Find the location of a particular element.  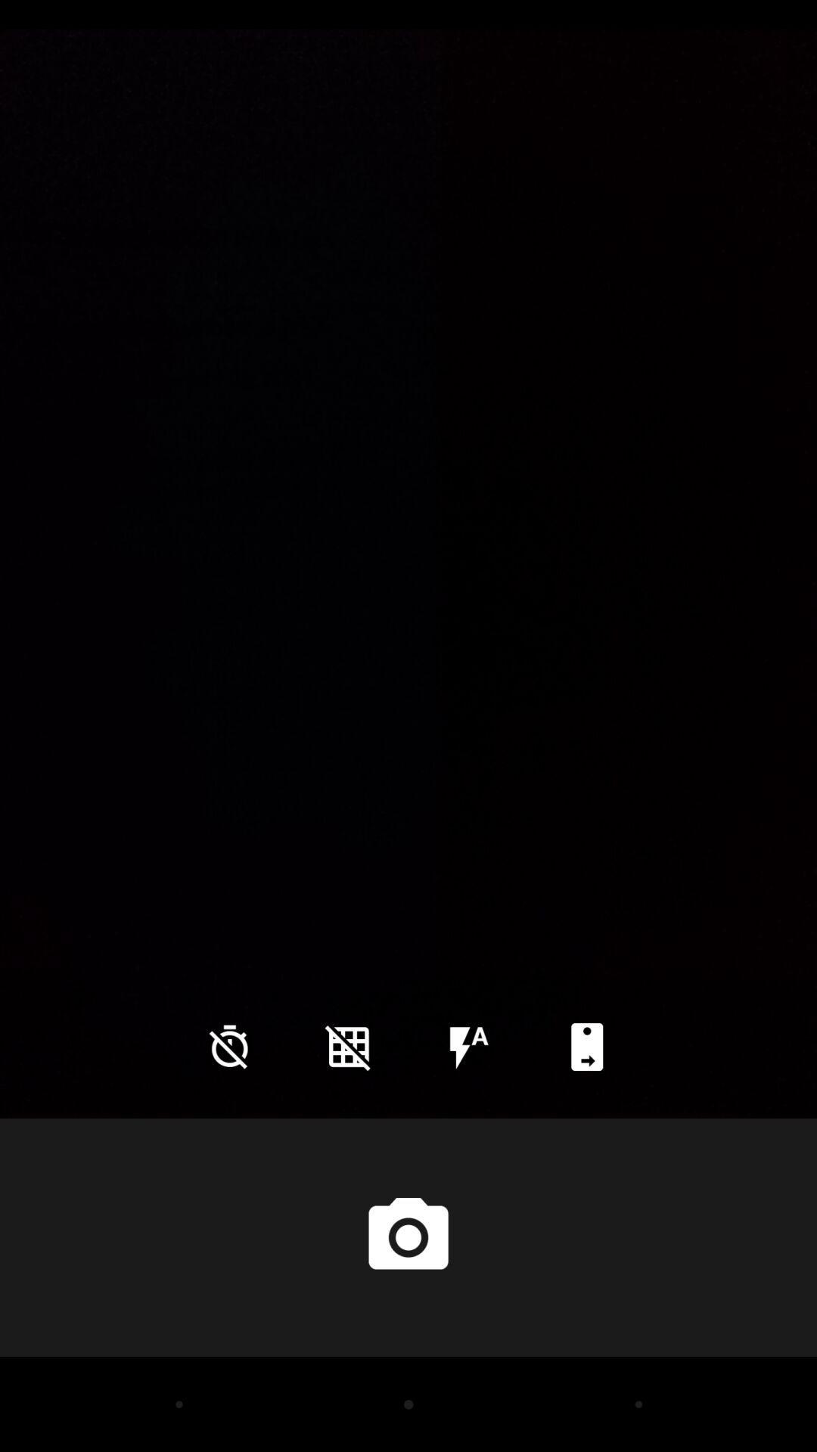

the item at the bottom right corner is located at coordinates (586, 1046).